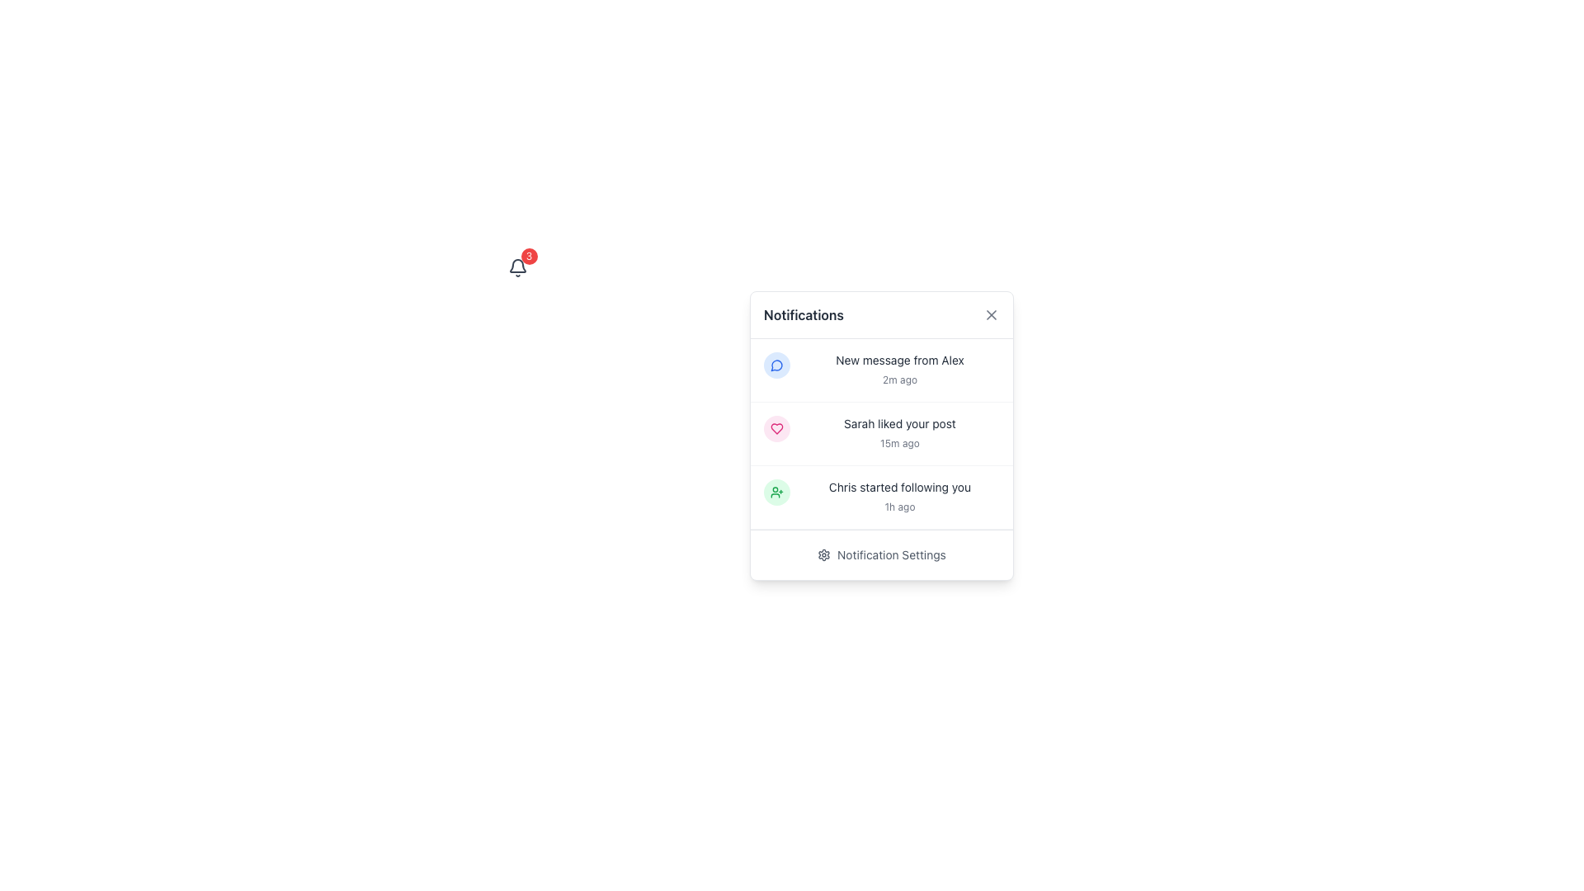  I want to click on the circular icon with a stylized heart symbol inside, which has a pink background and is located to the left of the notification text 'Sarah liked your post', so click(775, 428).